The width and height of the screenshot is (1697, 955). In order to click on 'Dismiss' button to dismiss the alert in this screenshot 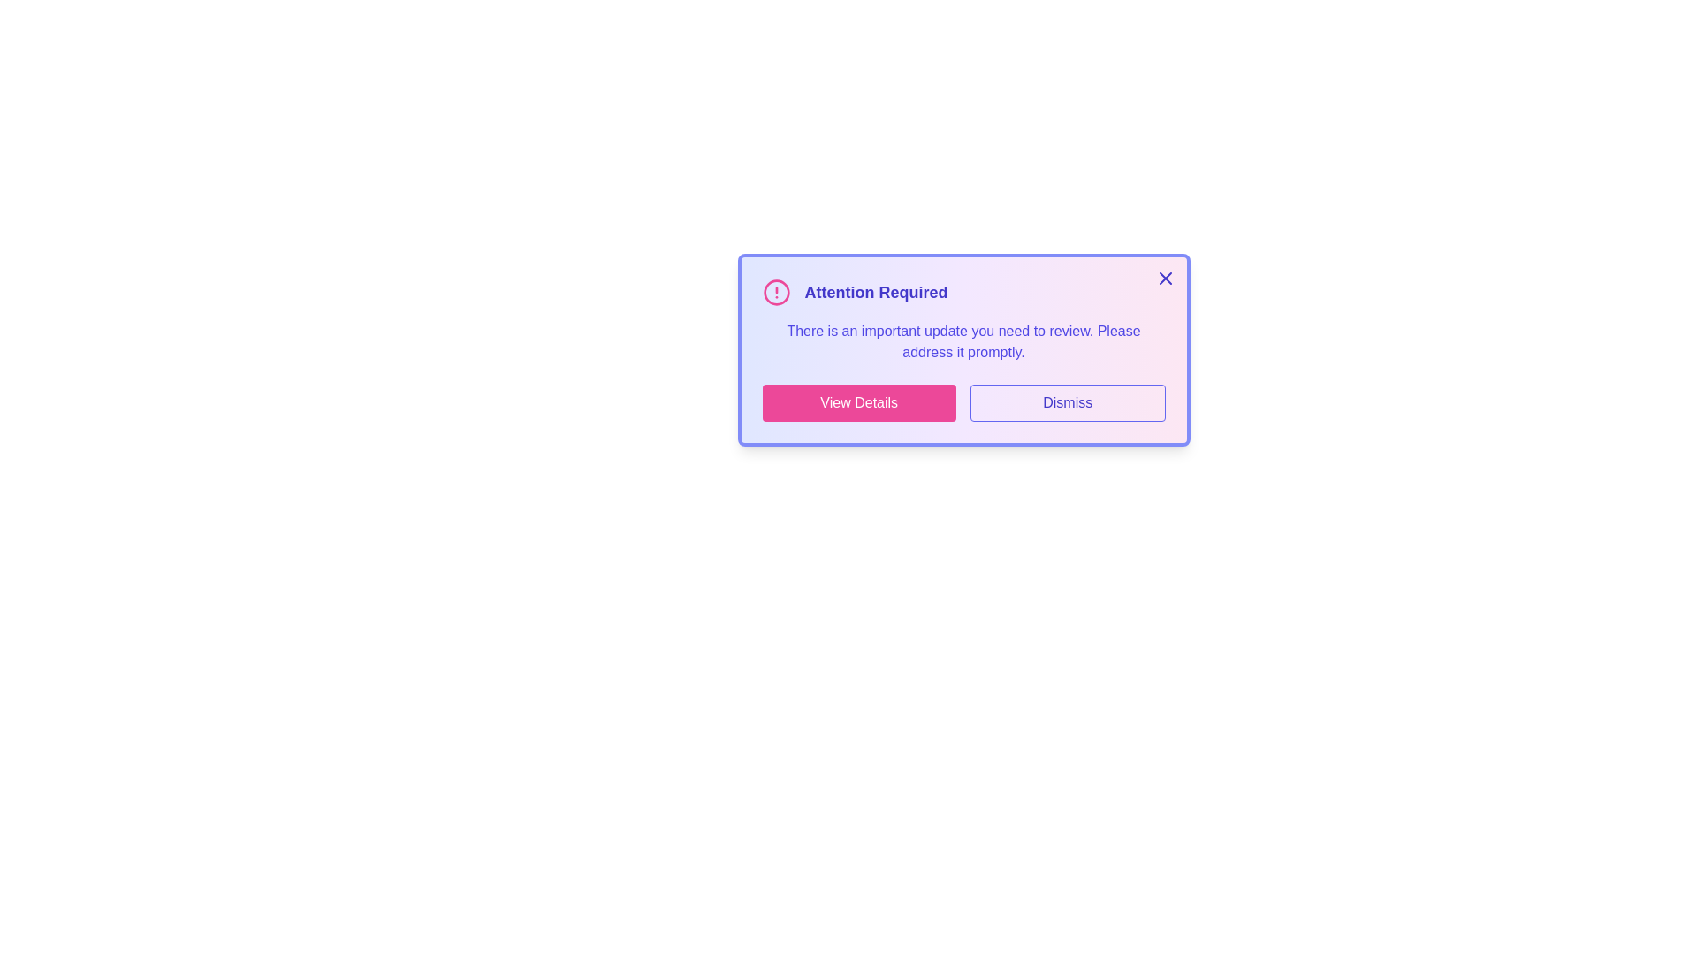, I will do `click(1067, 402)`.